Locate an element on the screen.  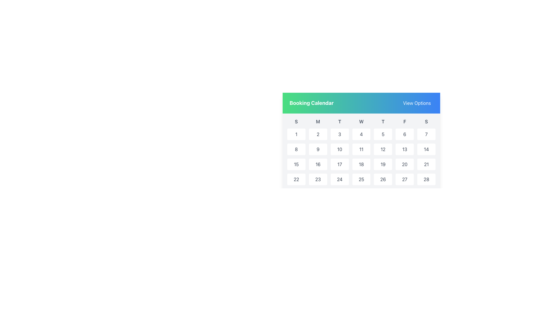
the date cell representing the 26th day of the month in the calendar layout is located at coordinates (383, 179).